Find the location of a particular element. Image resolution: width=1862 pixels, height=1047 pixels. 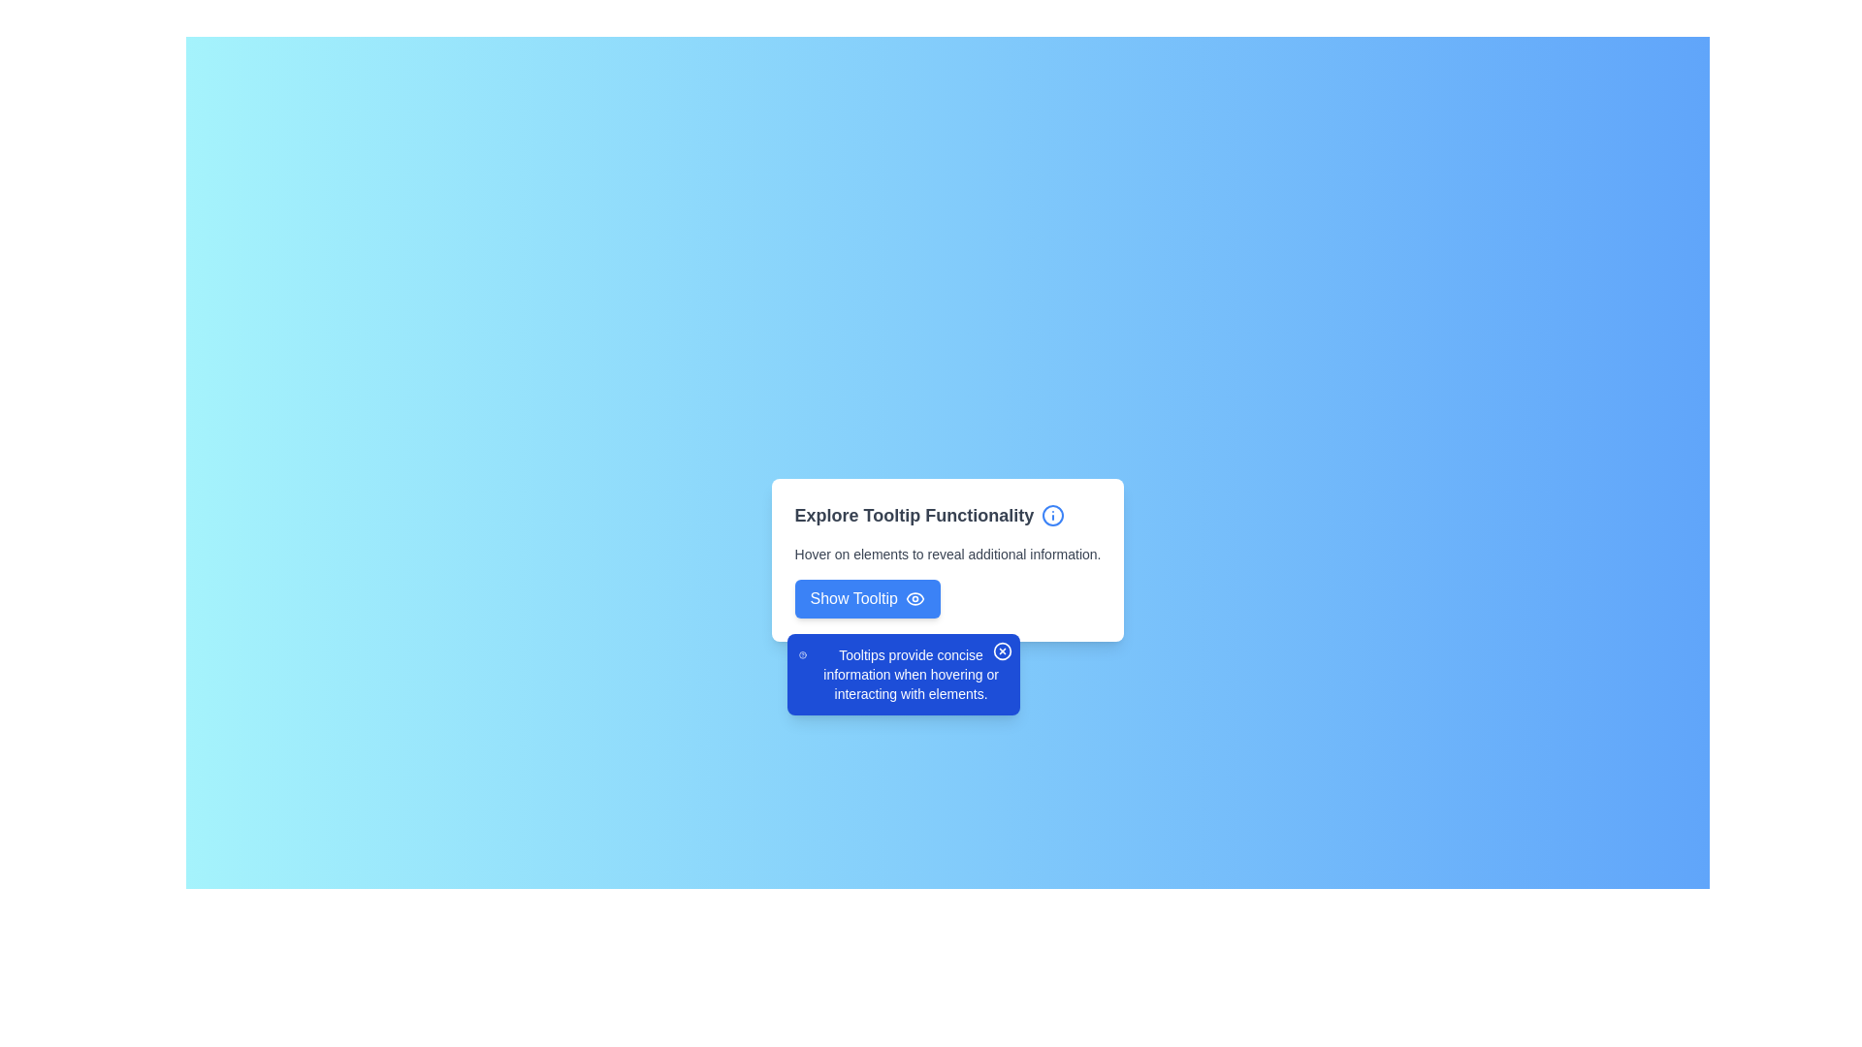

the outer oval shape of the eye icon, which is styled with a blue fill and located near the 'Show Tooltip' label is located at coordinates (914, 597).